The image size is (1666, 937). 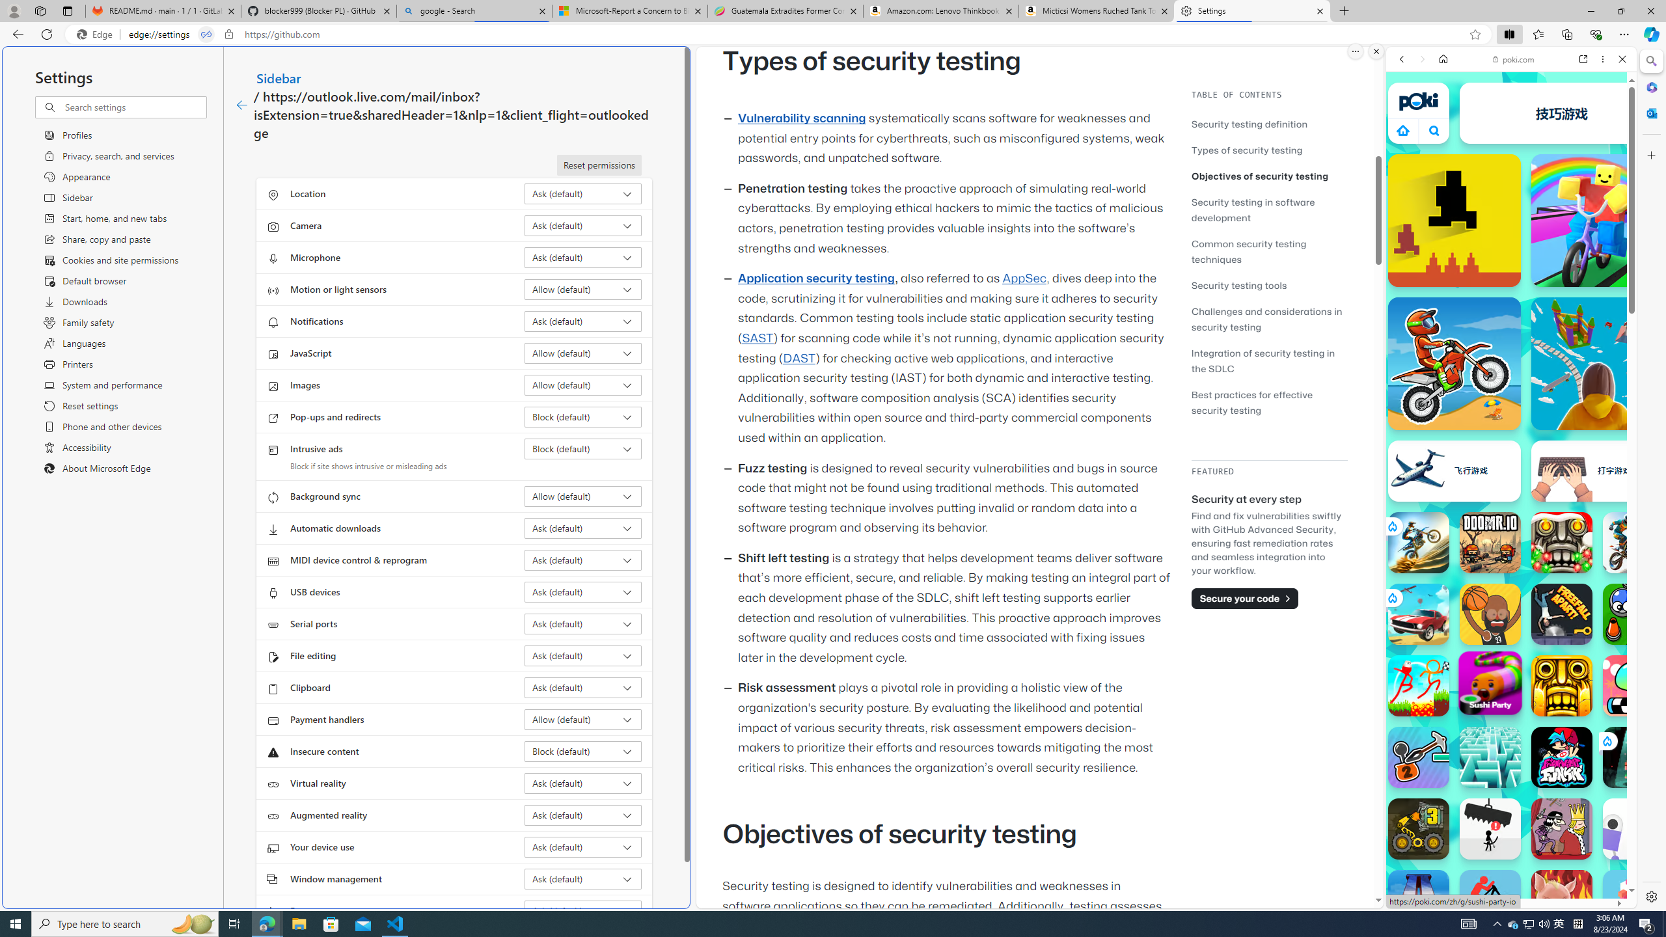 I want to click on 'Moto X3M Moto X3M', so click(x=1453, y=363).